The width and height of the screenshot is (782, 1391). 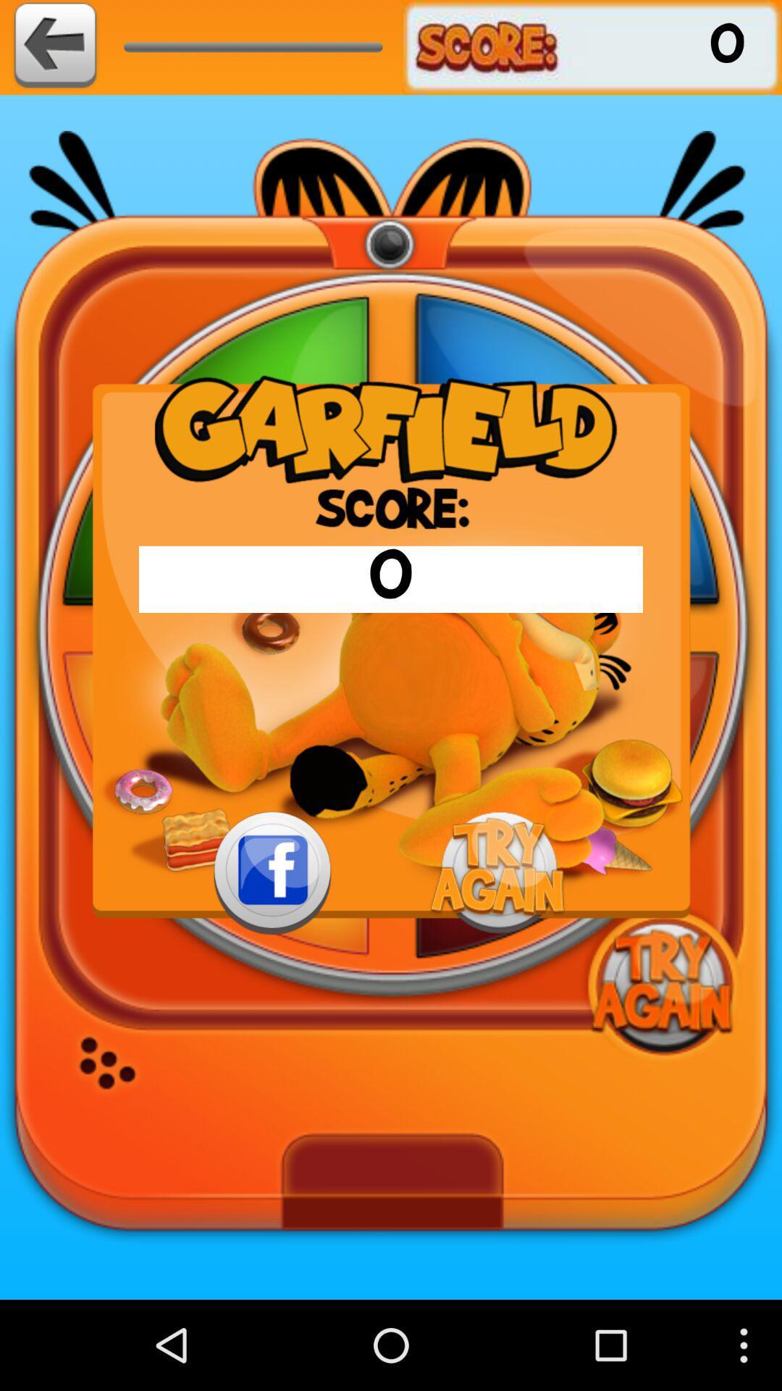 I want to click on the facebook icon, so click(x=272, y=934).